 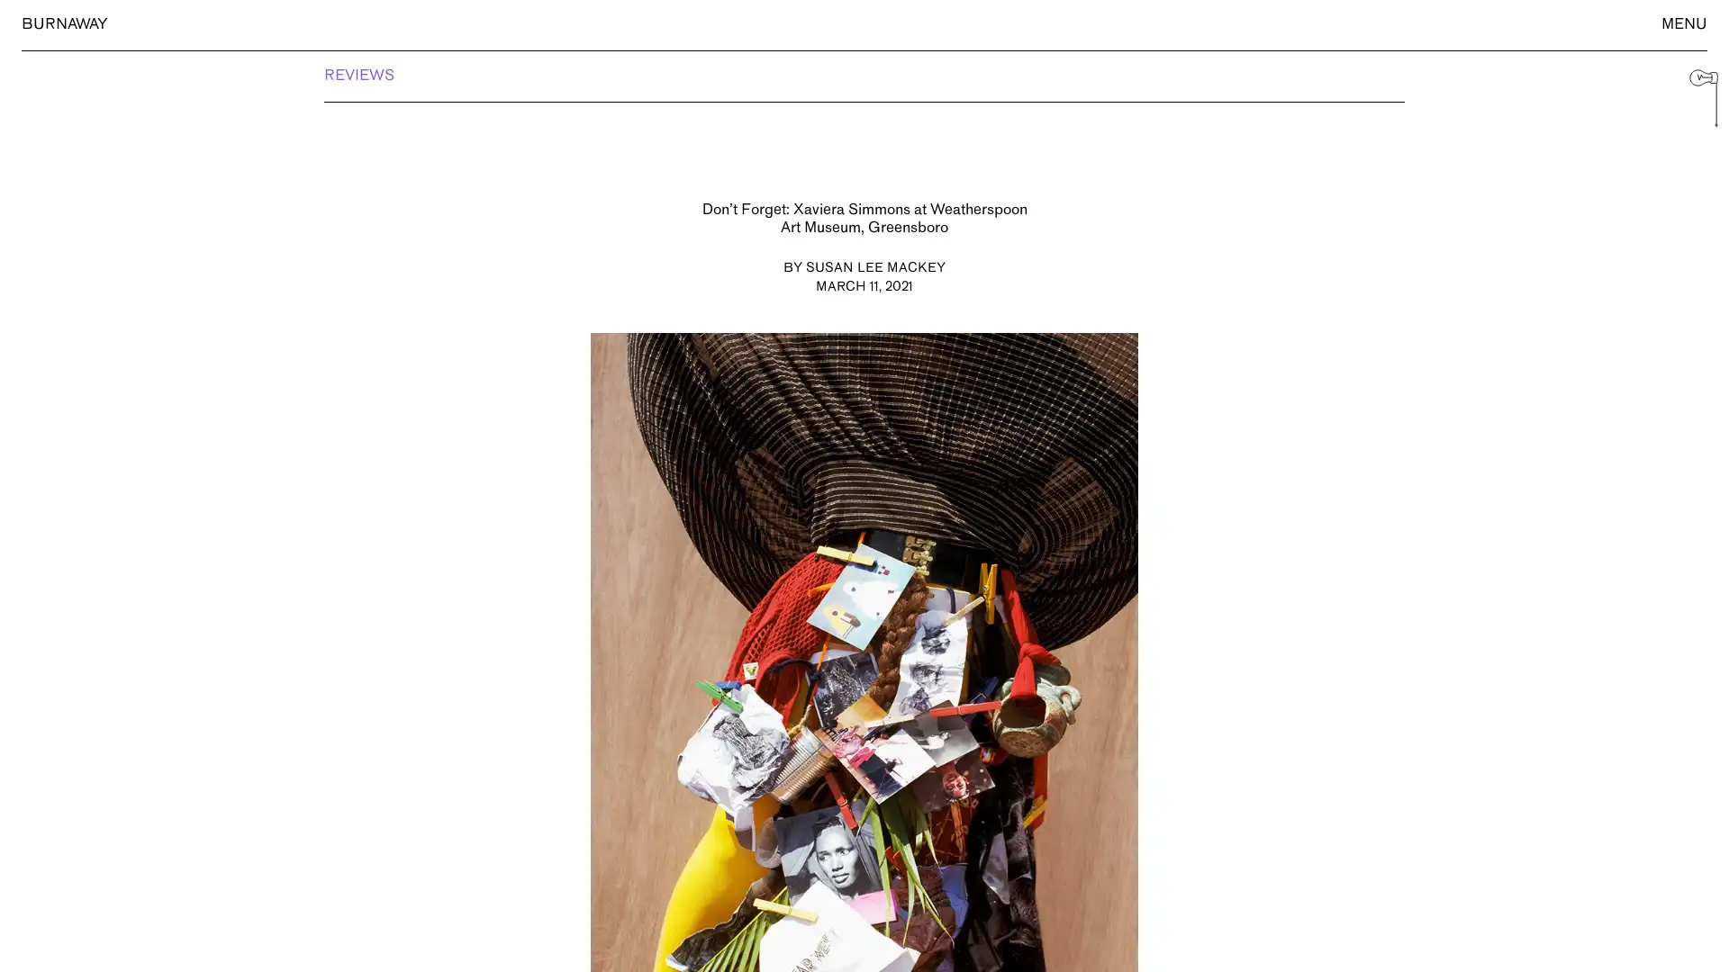 What do you see at coordinates (1683, 24) in the screenshot?
I see `MENU` at bounding box center [1683, 24].